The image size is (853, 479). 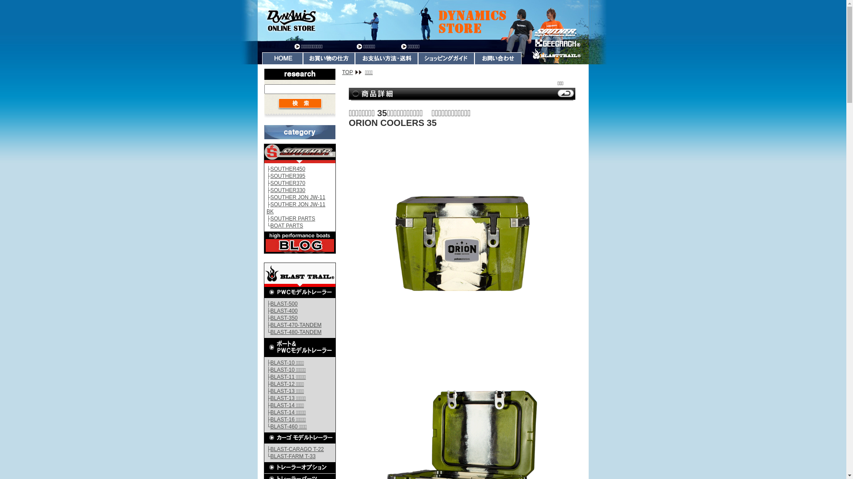 I want to click on 'BLAST-470-TANDEM', so click(x=296, y=325).